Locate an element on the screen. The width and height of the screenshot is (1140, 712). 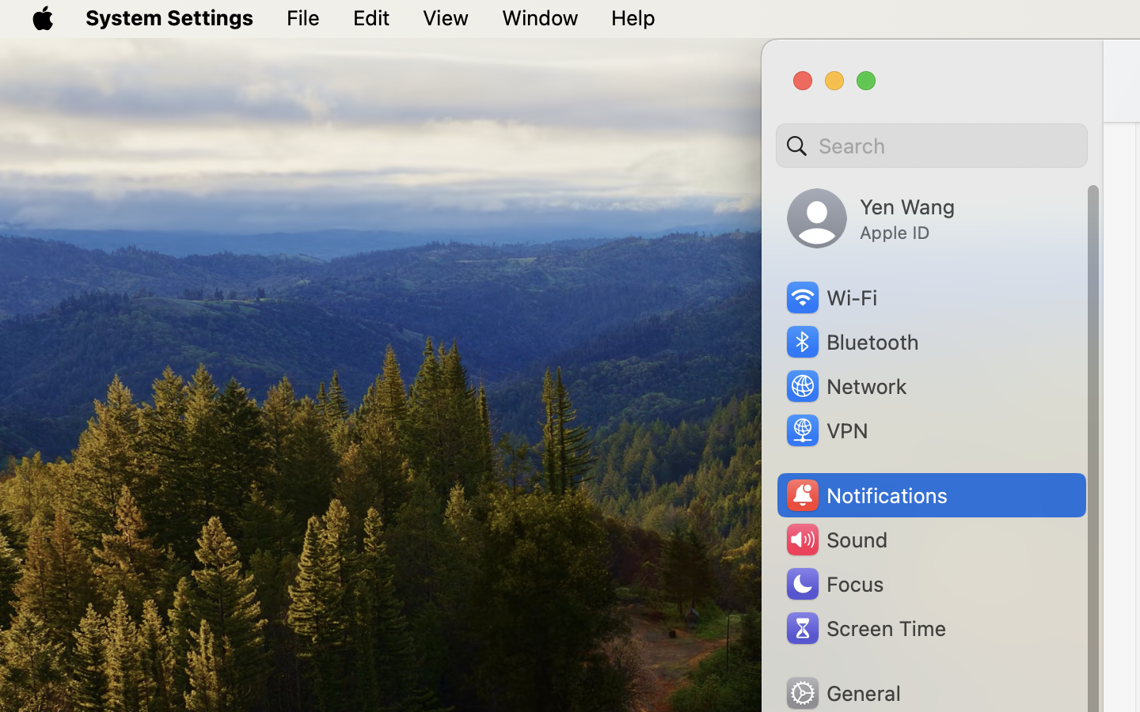
'Screen Time' is located at coordinates (864, 627).